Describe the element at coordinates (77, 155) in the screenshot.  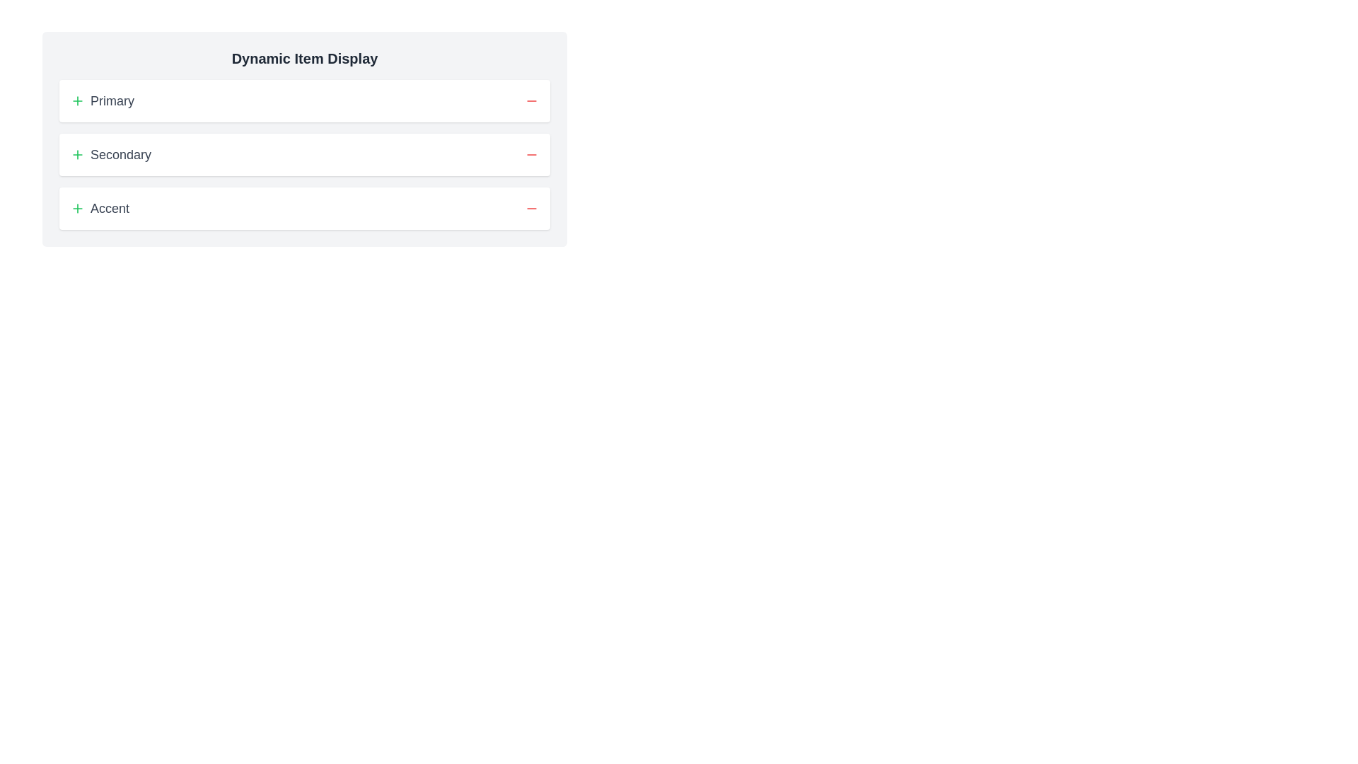
I see `the green plus icon, which is a minimalistic SVG graphic located to the left of the 'Secondary' text` at that location.